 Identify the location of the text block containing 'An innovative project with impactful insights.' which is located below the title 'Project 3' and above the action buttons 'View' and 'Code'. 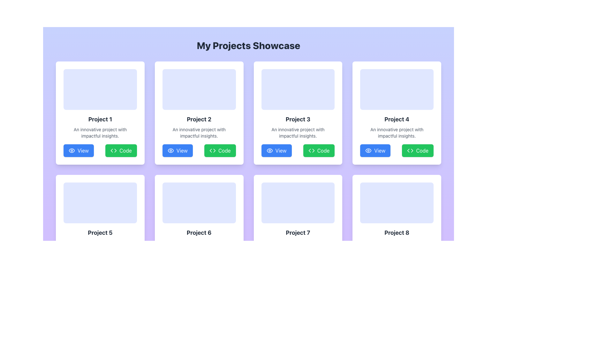
(298, 132).